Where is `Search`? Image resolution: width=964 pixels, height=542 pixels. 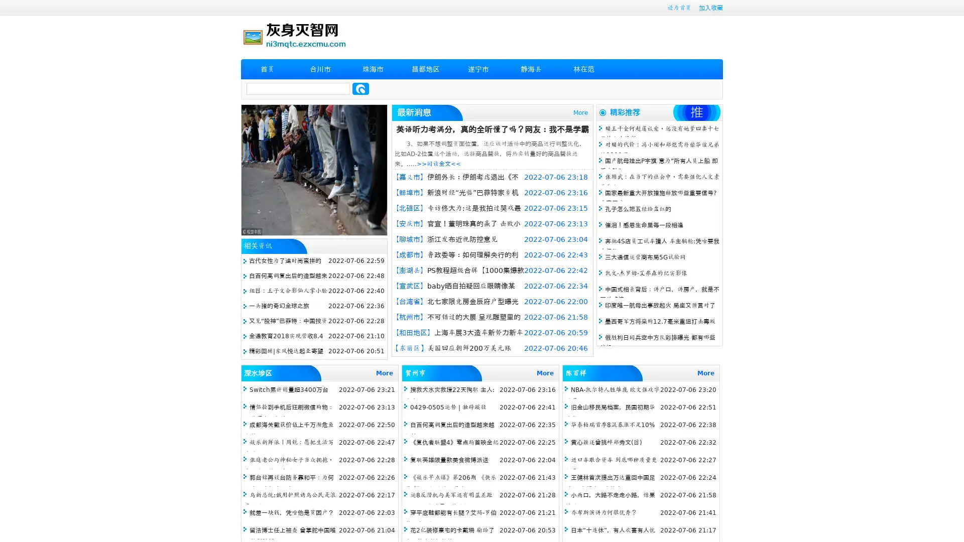 Search is located at coordinates (360, 88).